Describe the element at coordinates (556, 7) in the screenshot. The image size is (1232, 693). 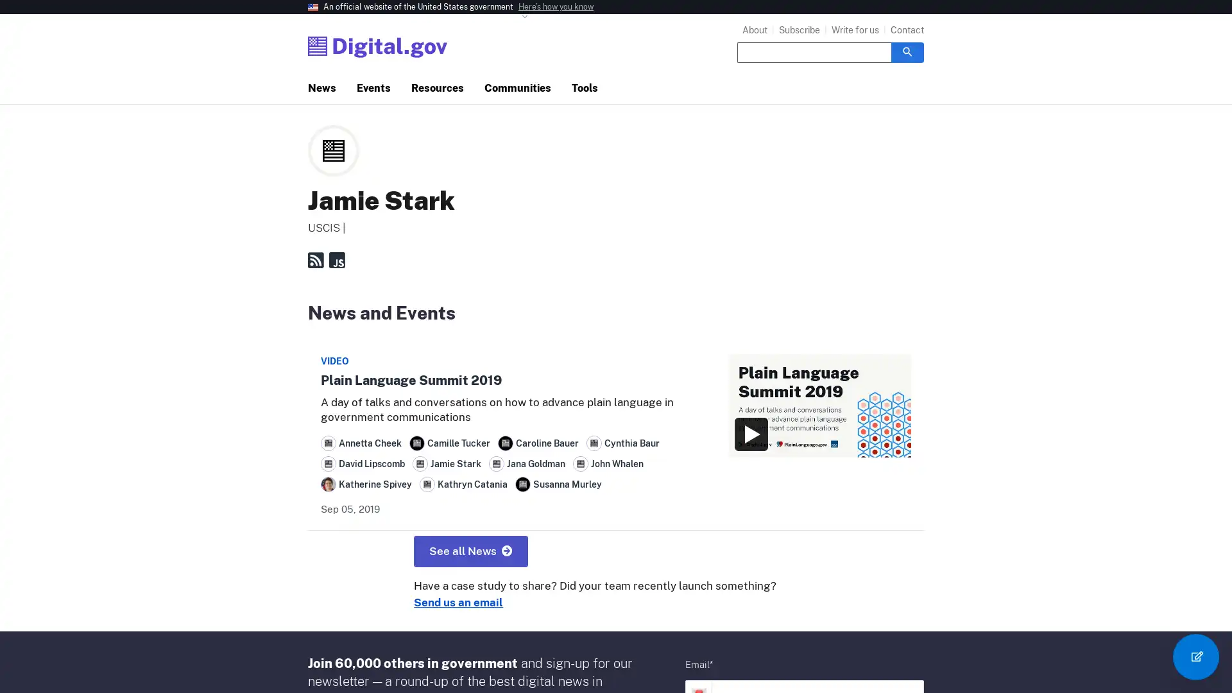
I see `Heres how you know` at that location.